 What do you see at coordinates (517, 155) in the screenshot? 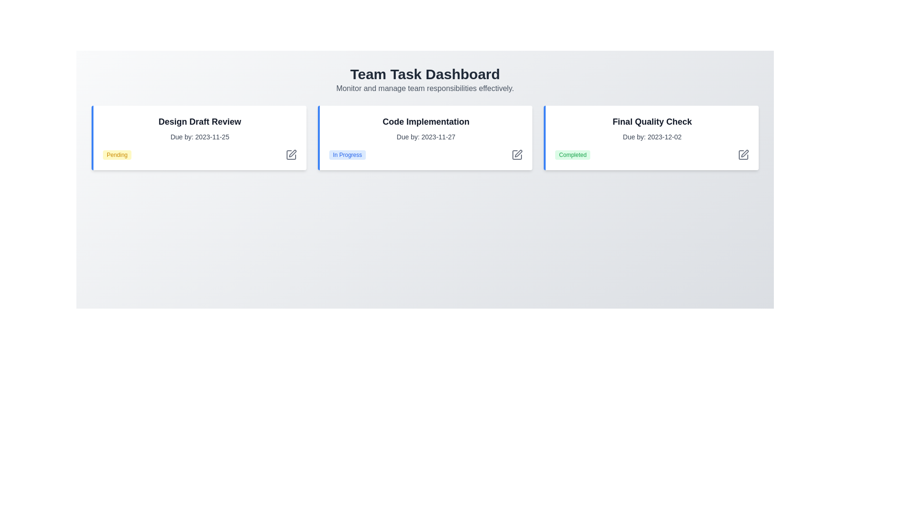
I see `the graphical icon in the top-right corner of the 'Code Implementation' card` at bounding box center [517, 155].